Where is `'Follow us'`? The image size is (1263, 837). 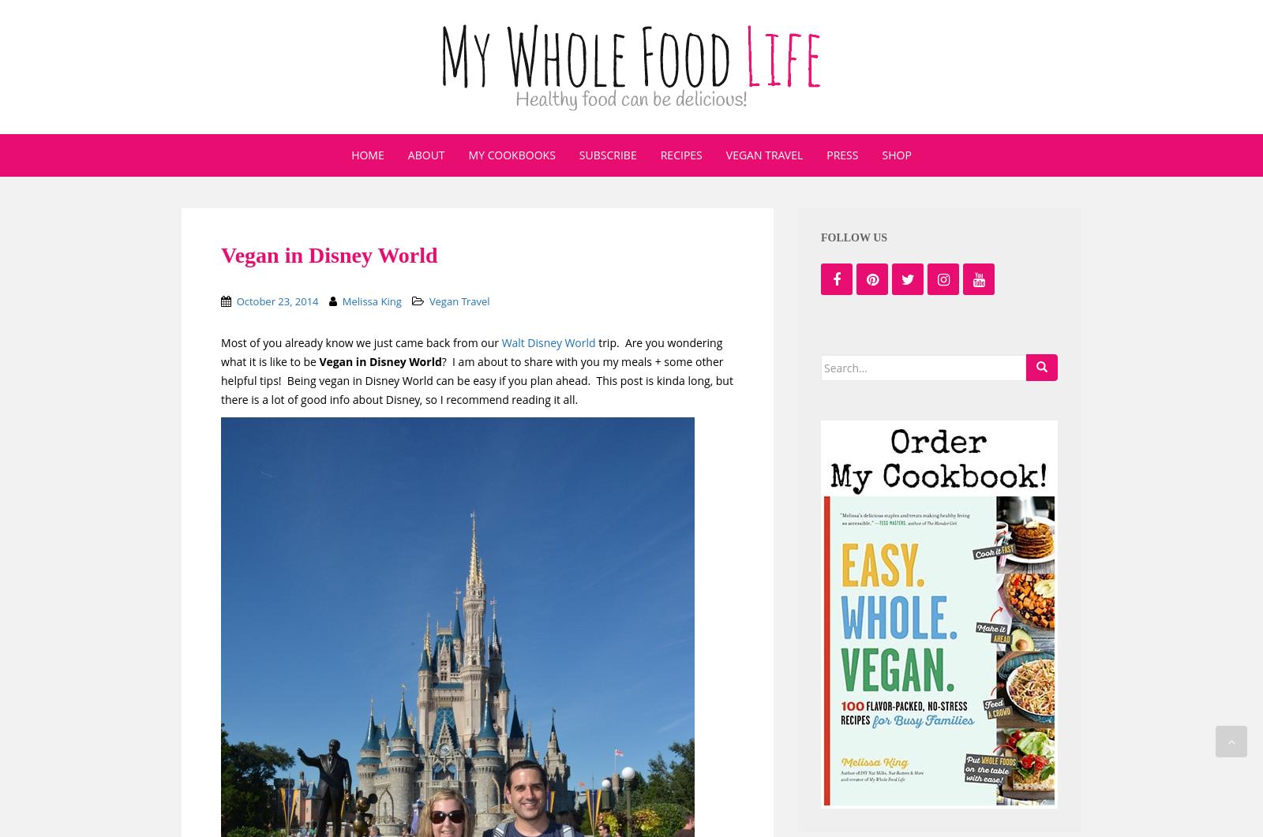
'Follow us' is located at coordinates (854, 236).